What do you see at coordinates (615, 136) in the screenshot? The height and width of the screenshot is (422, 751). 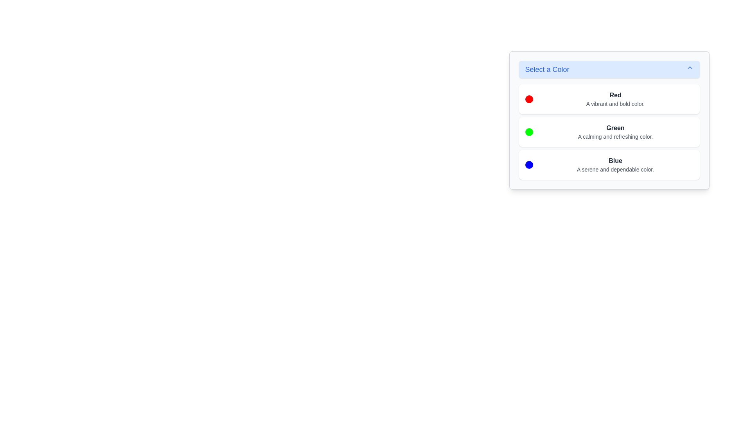 I see `the descriptive text element located below the 'Green' text, which provides additional information about the green color selection` at bounding box center [615, 136].